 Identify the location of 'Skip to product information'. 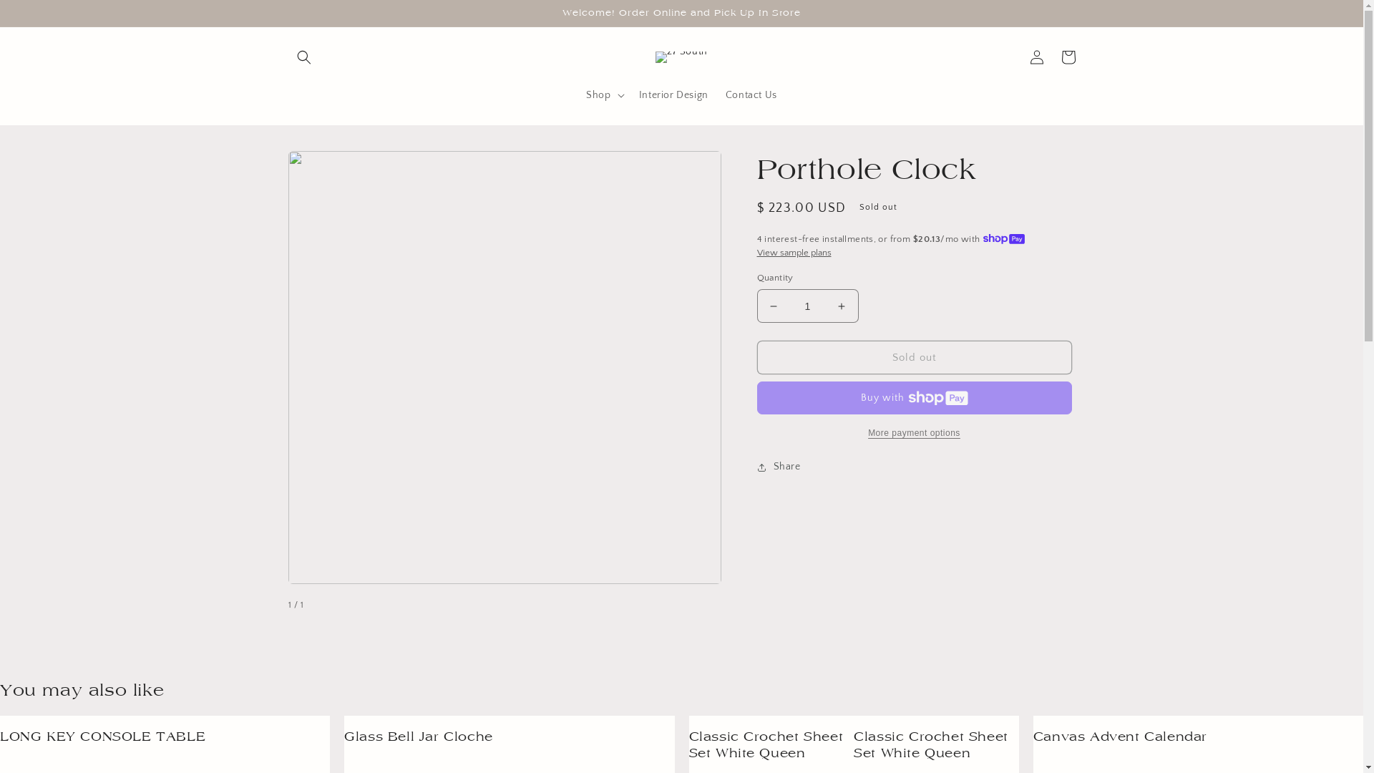
(330, 166).